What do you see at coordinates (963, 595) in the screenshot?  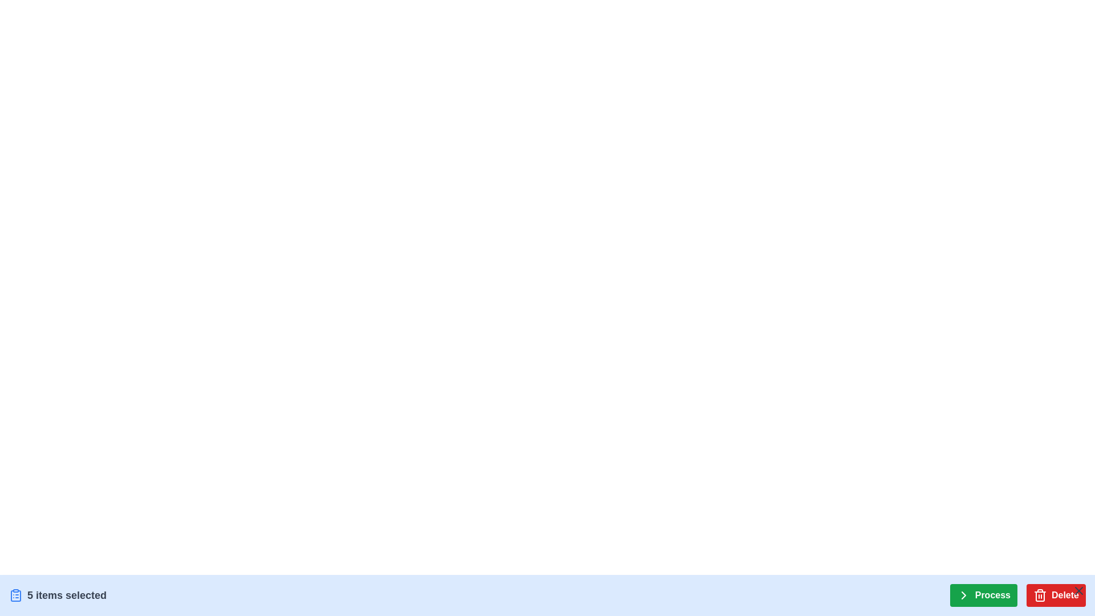 I see `the chevron icon located on the green 'Process' button, which features the text 'Process' in semibold white font` at bounding box center [963, 595].